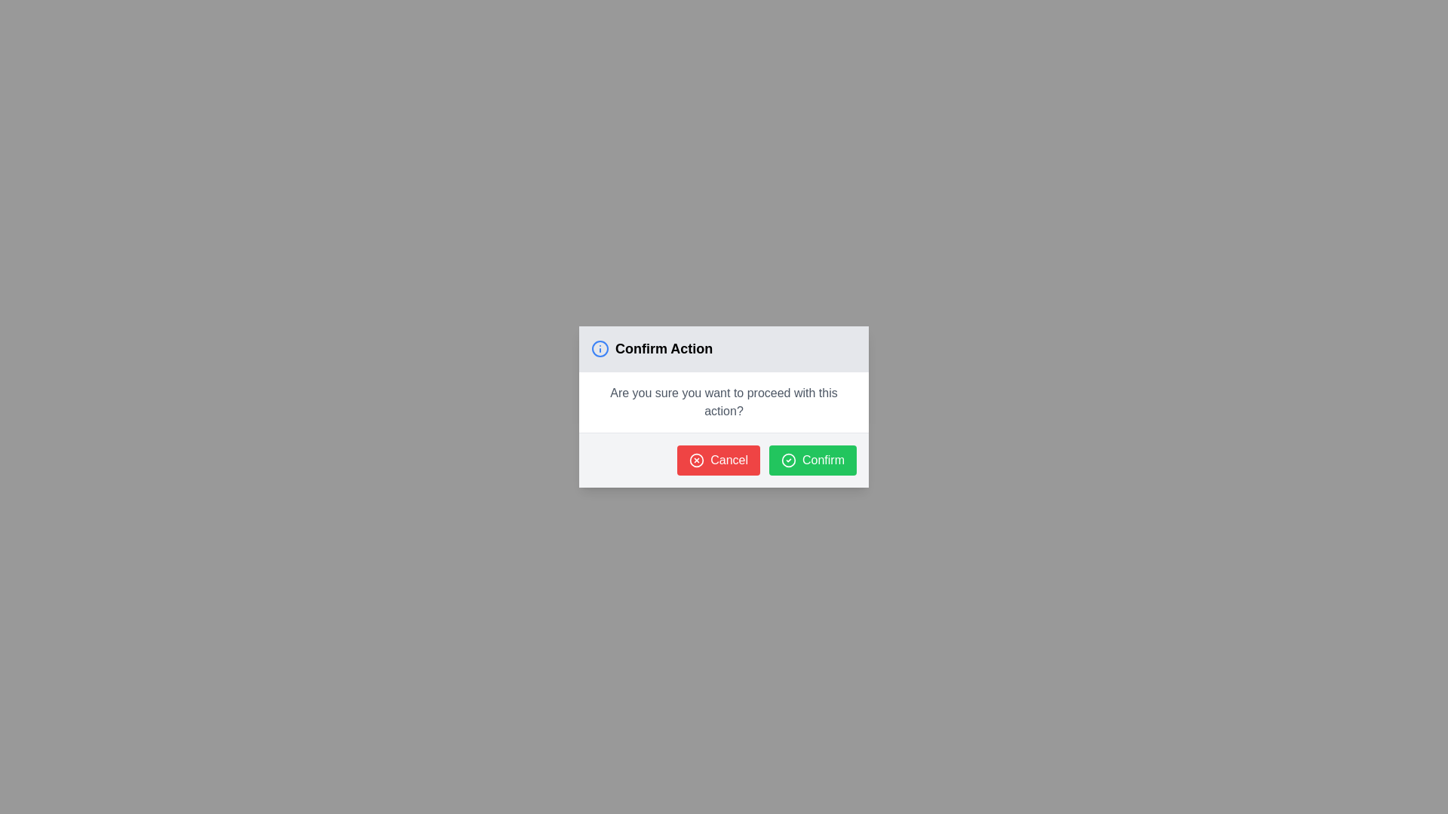 Image resolution: width=1448 pixels, height=814 pixels. Describe the element at coordinates (812, 459) in the screenshot. I see `the confirmation button located at the bottom right of the modal dialog box to confirm the action` at that location.